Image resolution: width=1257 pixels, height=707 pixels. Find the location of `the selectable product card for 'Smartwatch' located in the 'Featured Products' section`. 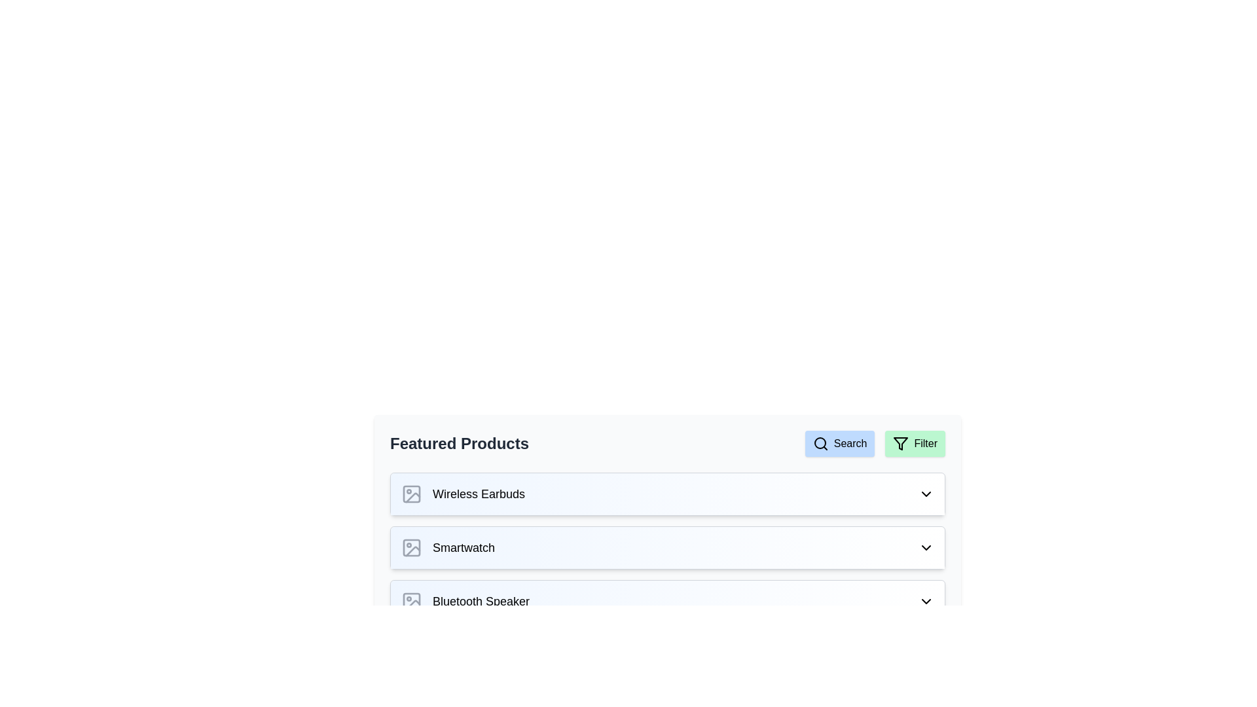

the selectable product card for 'Smartwatch' located in the 'Featured Products' section is located at coordinates (667, 548).